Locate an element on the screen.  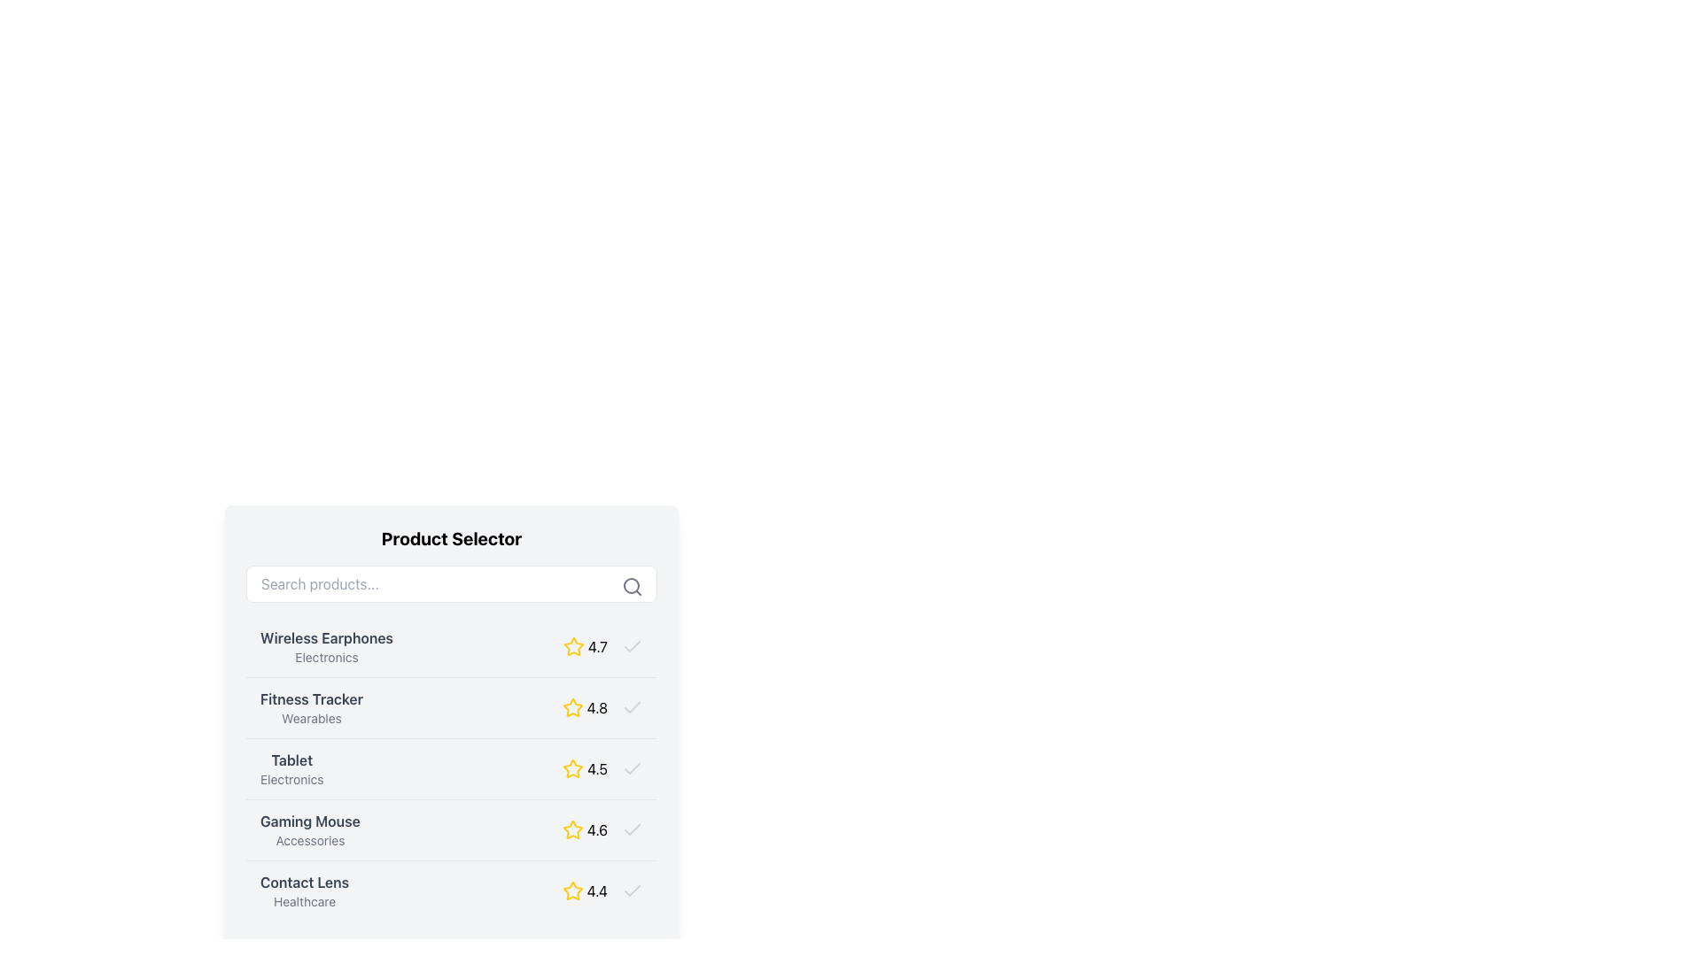
the yellow star-shaped Rating Icon that indicates a rating of 4.6 for the product 'Gaming Mouse' is located at coordinates (572, 829).